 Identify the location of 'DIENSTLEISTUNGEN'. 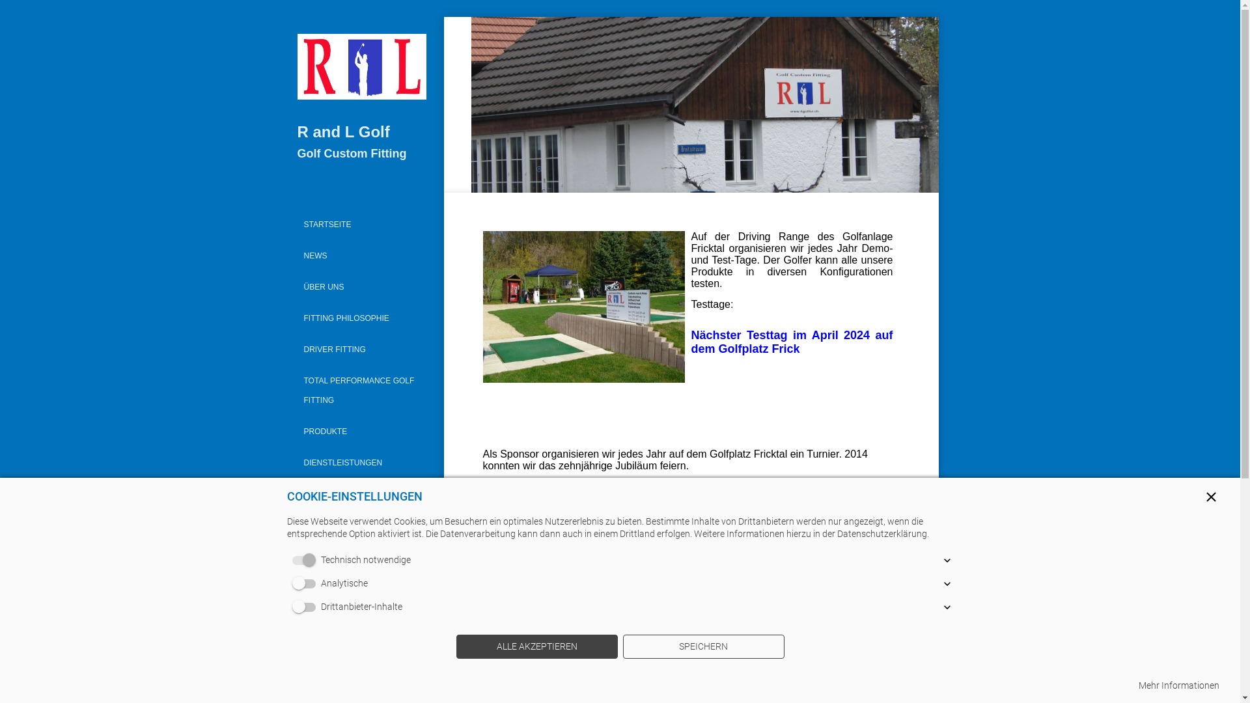
(362, 462).